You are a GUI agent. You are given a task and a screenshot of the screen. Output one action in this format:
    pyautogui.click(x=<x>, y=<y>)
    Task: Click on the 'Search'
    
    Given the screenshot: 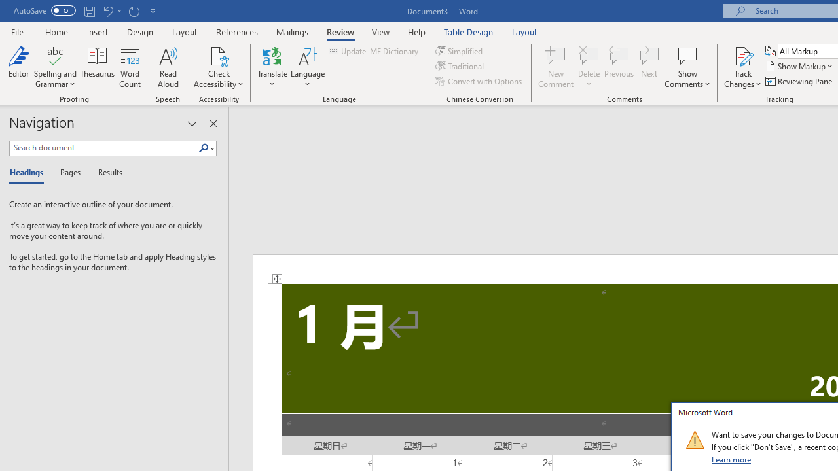 What is the action you would take?
    pyautogui.click(x=206, y=148)
    